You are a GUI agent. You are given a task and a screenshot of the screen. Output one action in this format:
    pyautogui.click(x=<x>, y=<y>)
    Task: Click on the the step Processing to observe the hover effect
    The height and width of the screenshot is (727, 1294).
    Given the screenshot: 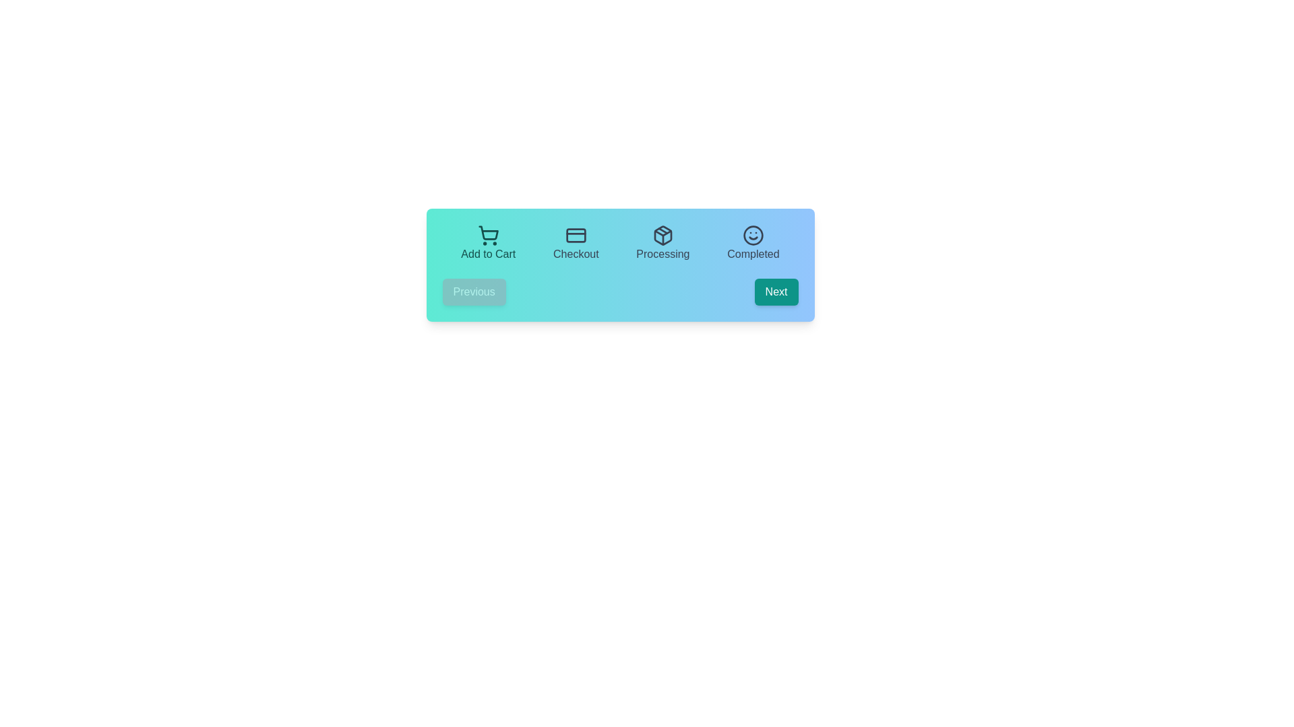 What is the action you would take?
    pyautogui.click(x=663, y=244)
    